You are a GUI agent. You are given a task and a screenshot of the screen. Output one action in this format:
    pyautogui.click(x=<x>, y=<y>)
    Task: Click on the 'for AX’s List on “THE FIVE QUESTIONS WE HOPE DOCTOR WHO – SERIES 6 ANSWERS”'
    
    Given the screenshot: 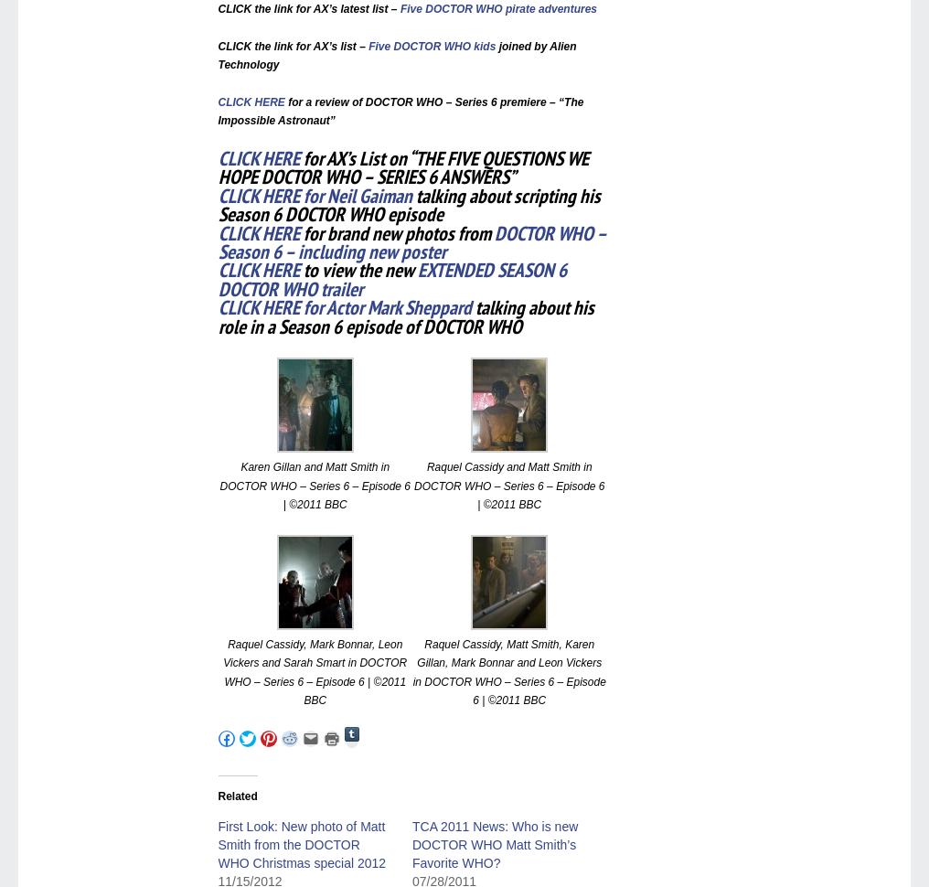 What is the action you would take?
    pyautogui.click(x=401, y=166)
    